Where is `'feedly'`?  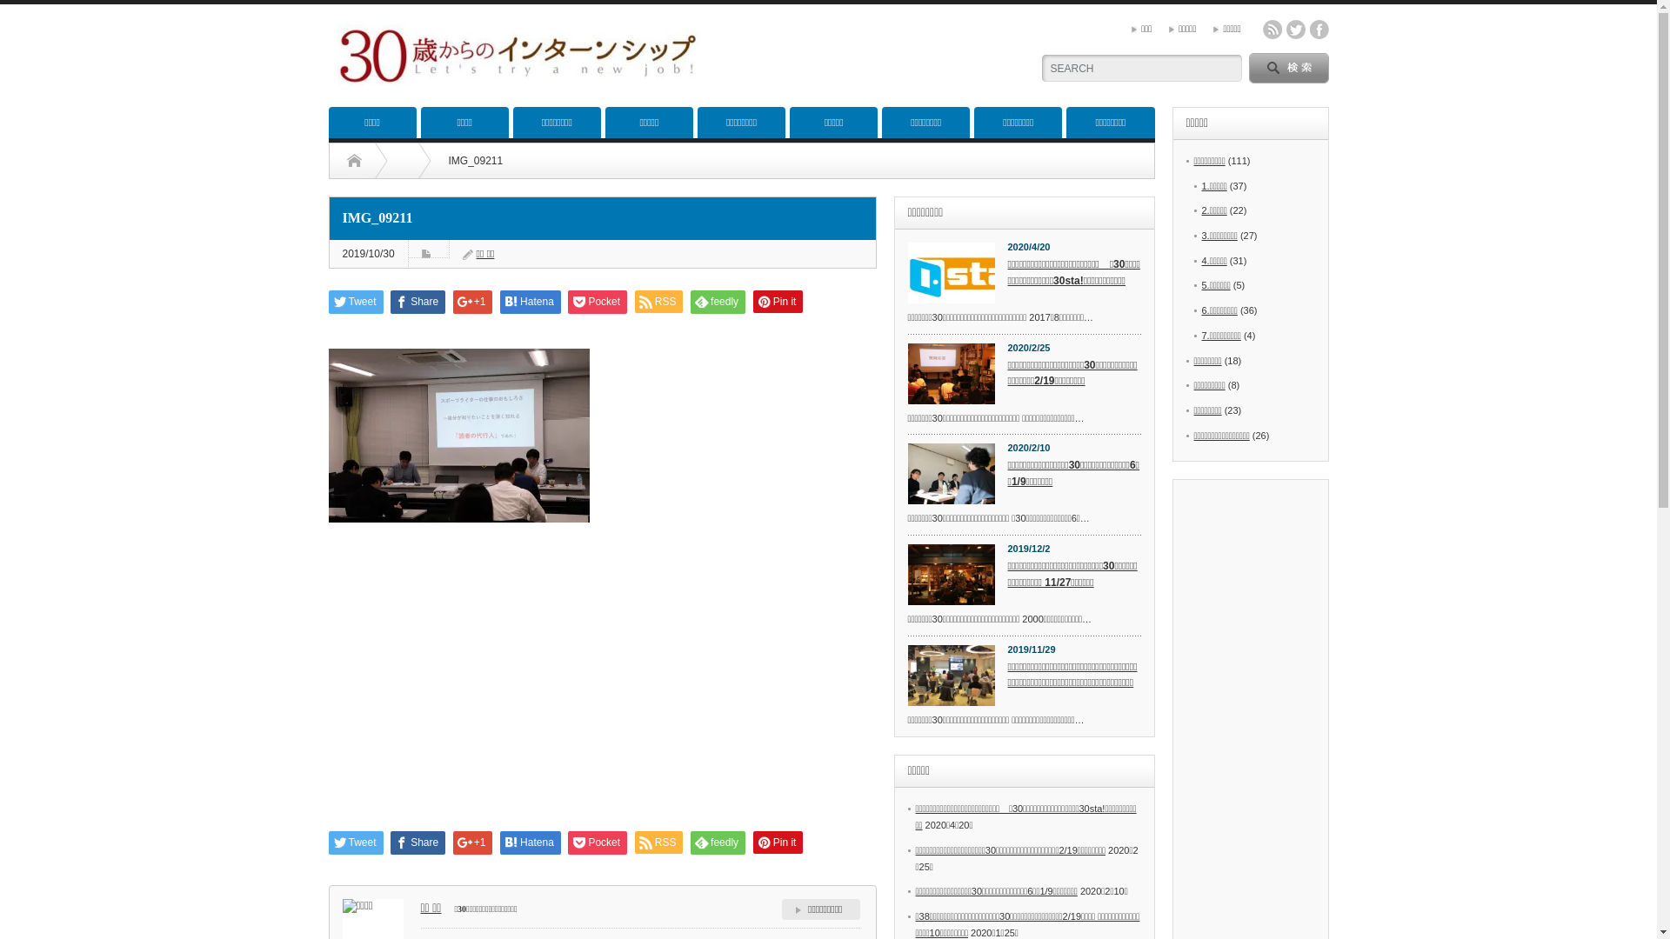 'feedly' is located at coordinates (718, 301).